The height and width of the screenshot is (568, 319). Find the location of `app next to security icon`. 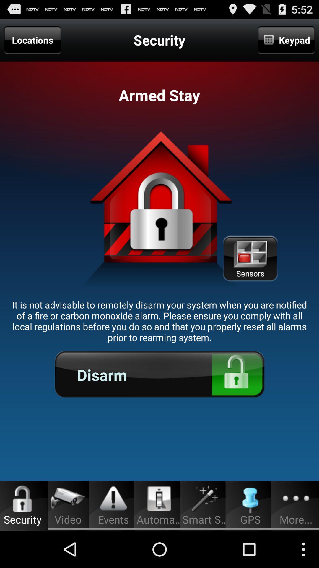

app next to security icon is located at coordinates (286, 40).